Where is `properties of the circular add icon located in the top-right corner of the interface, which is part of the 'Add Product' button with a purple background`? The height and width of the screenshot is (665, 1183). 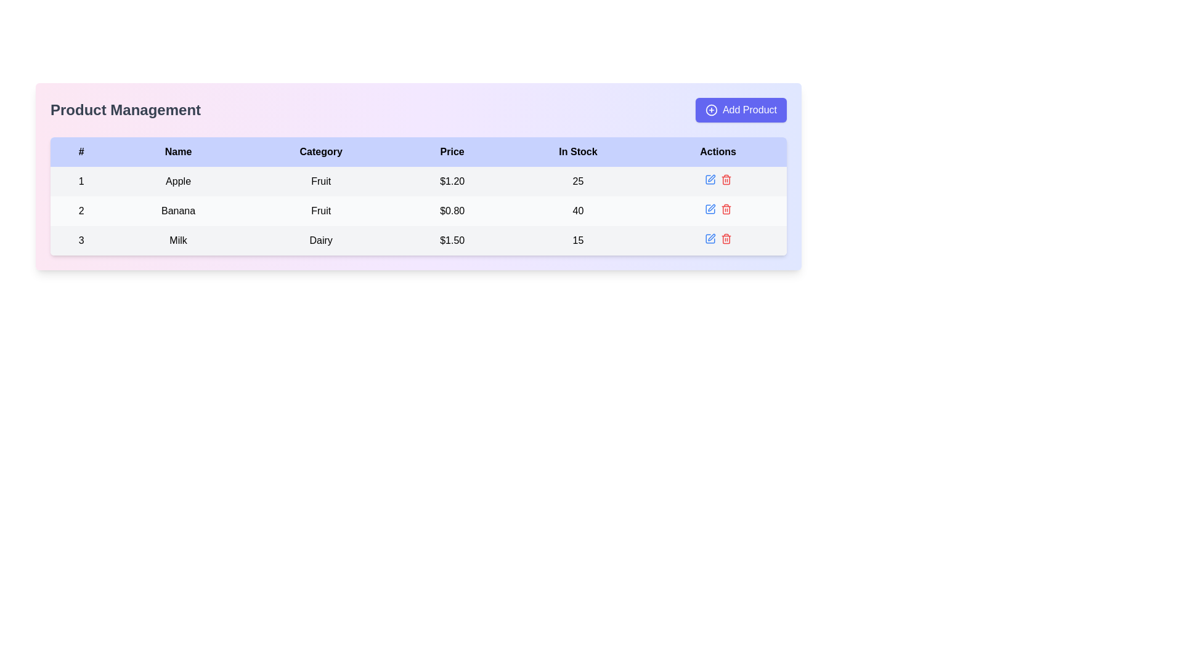 properties of the circular add icon located in the top-right corner of the interface, which is part of the 'Add Product' button with a purple background is located at coordinates (711, 109).